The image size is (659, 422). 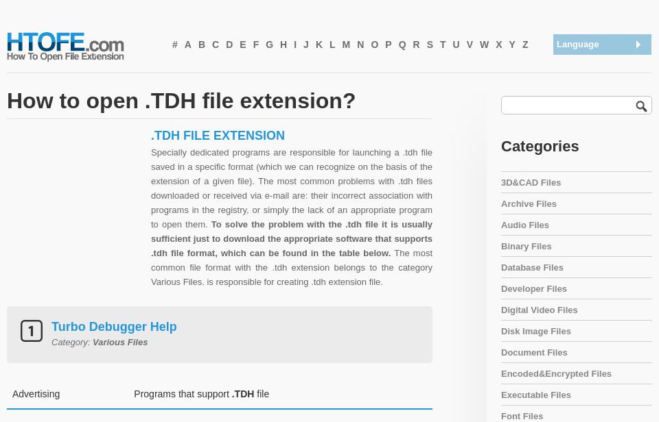 What do you see at coordinates (51, 341) in the screenshot?
I see `'Category:'` at bounding box center [51, 341].